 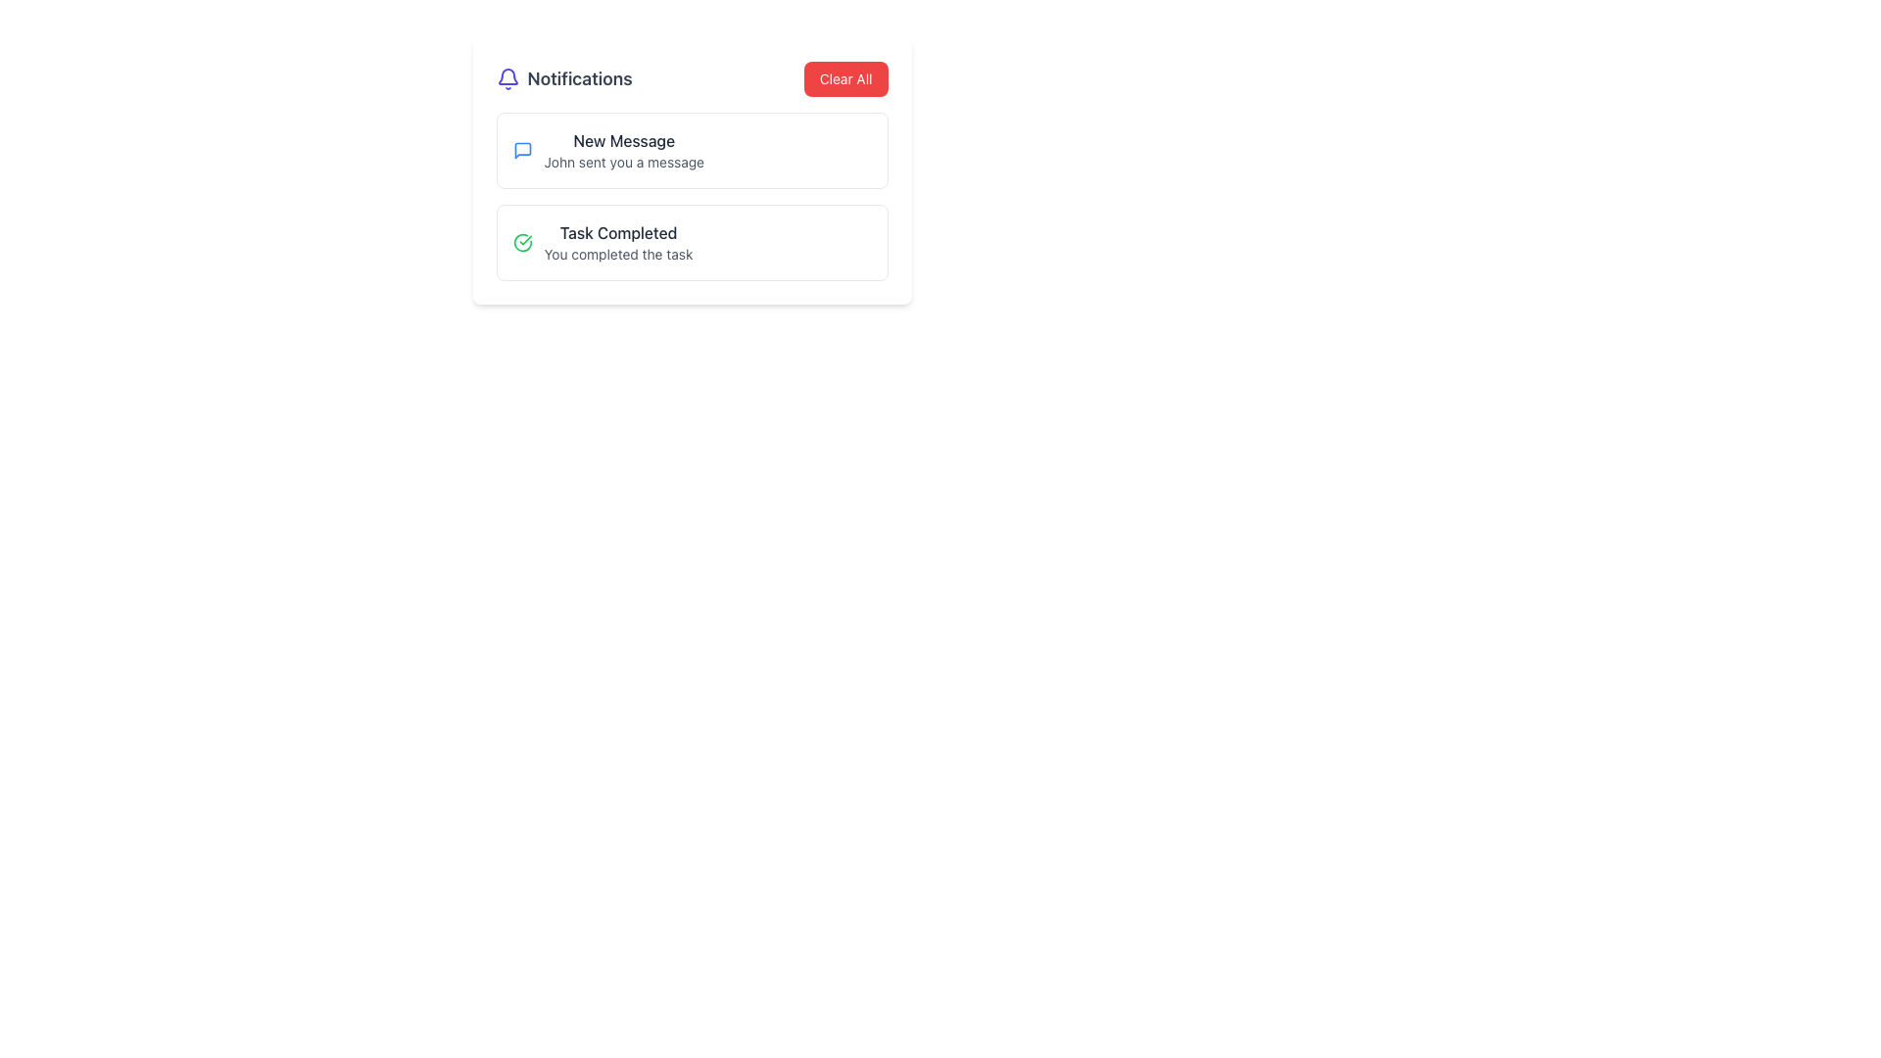 I want to click on notification titled 'New Message' which indicates that 'John sent you a message' from the first notification card in the list under the 'Notifications' section, so click(x=692, y=150).